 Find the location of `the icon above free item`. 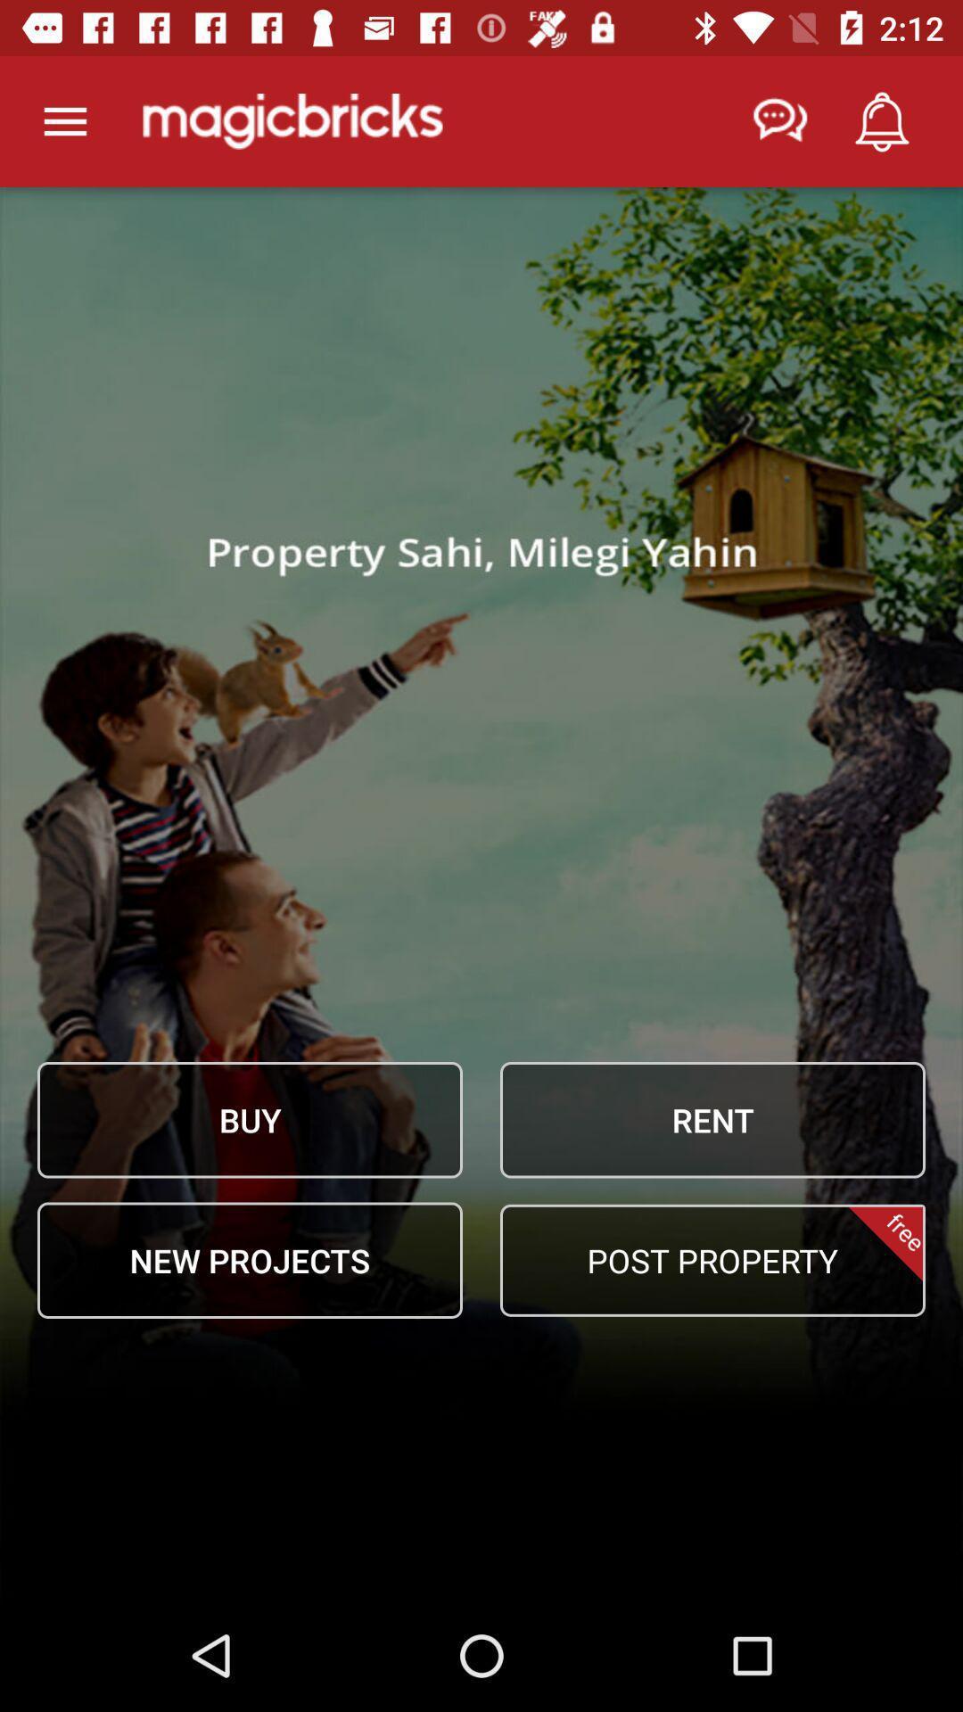

the icon above free item is located at coordinates (712, 1119).